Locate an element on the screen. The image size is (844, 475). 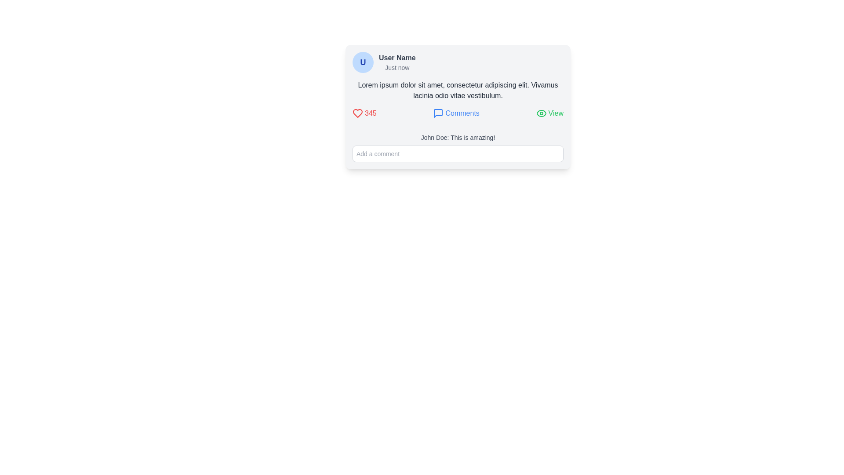
timestamp text label located below the 'User Name' text in the content box to gain temporal context for the associated content is located at coordinates (397, 67).